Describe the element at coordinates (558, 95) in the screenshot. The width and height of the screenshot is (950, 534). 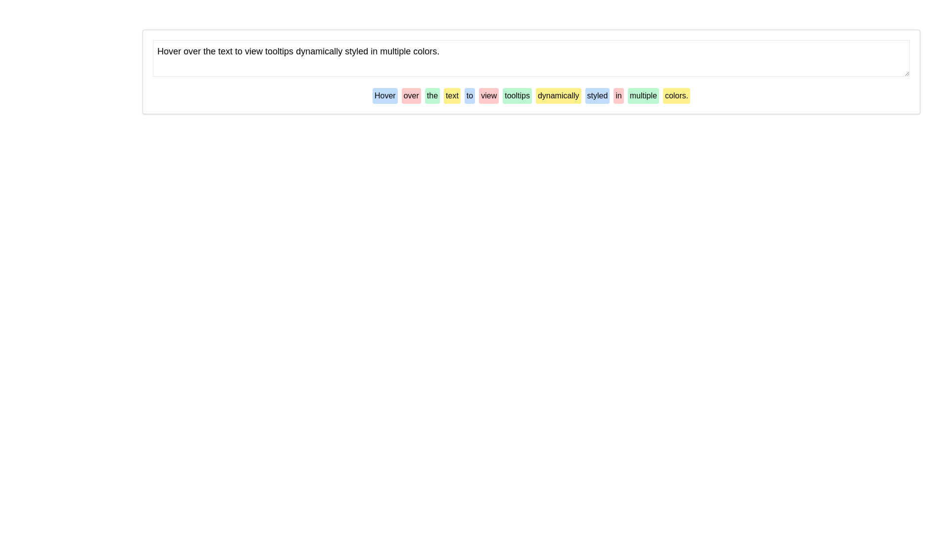
I see `the interactive tooltip trigger text label which displays 'Tooltip for dynamically' when hovered` at that location.